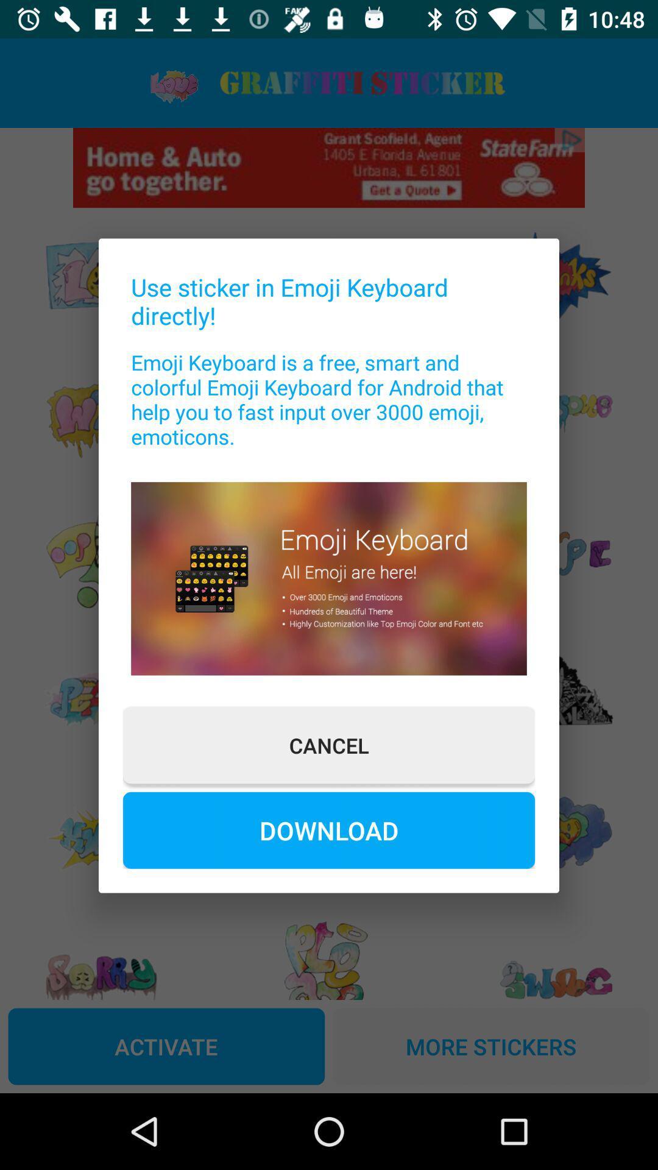 The height and width of the screenshot is (1170, 658). I want to click on download button, so click(329, 829).